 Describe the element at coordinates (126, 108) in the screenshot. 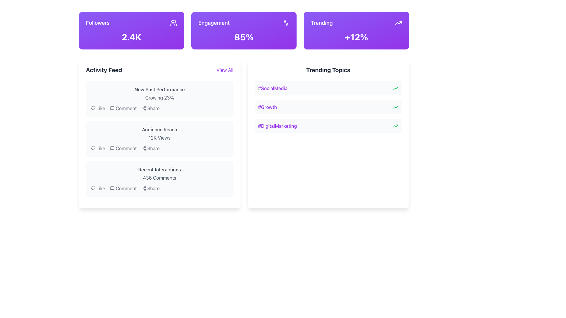

I see `the 'Comment' text label in gray font located in the 'Activity Feed' panel to initiate a comment action` at that location.